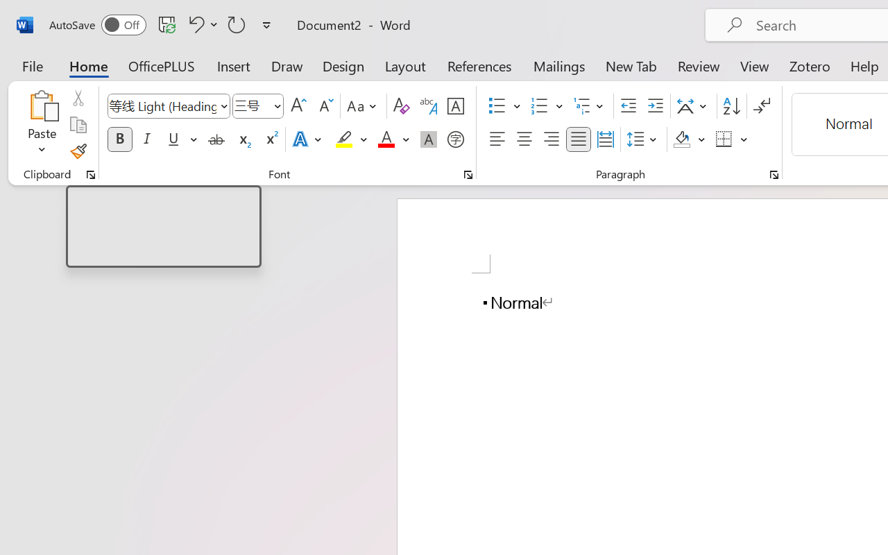 This screenshot has height=555, width=888. I want to click on 'Paragraph...', so click(773, 174).